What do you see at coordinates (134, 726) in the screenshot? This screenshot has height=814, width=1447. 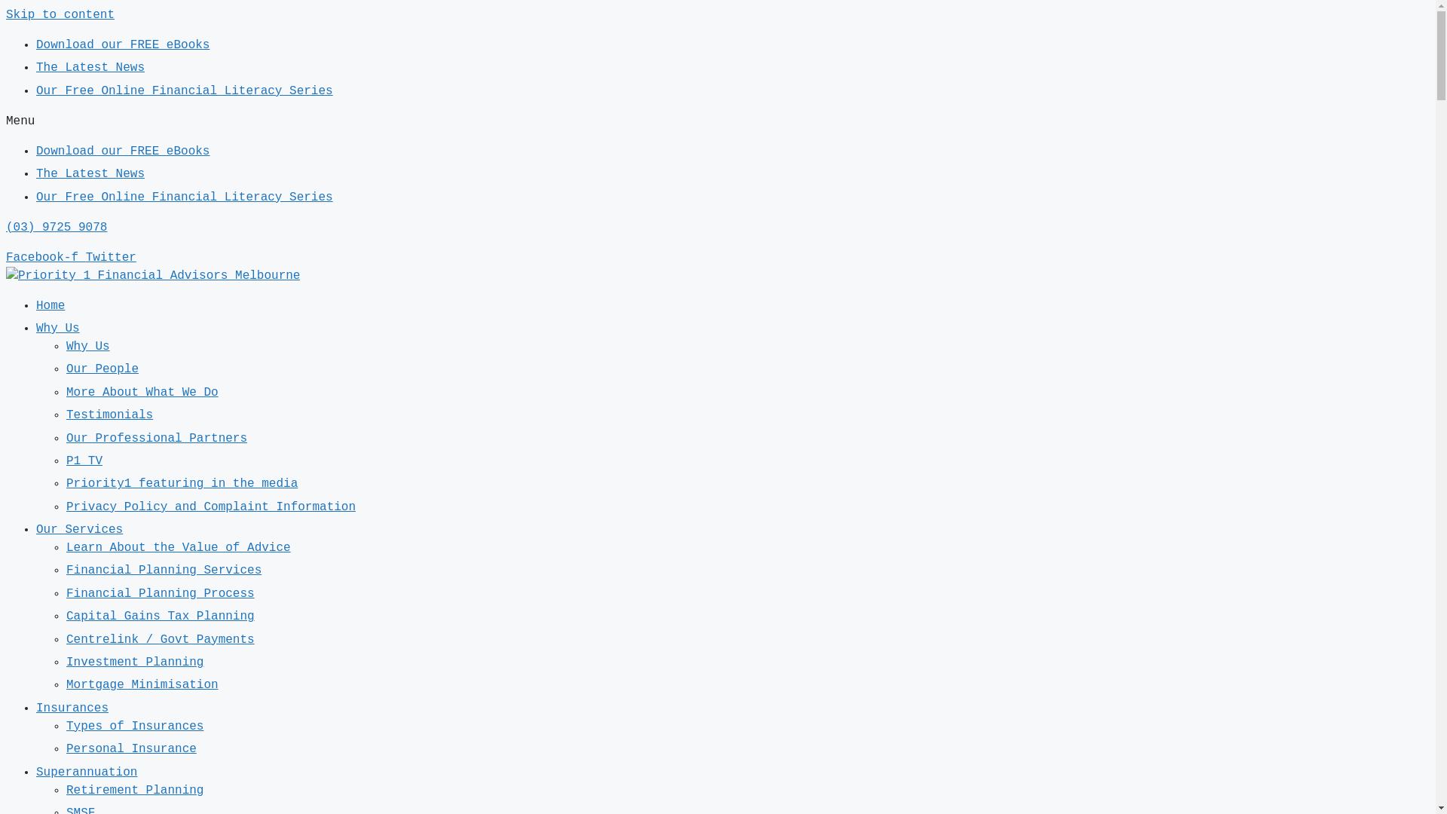 I see `'Types of Insurances'` at bounding box center [134, 726].